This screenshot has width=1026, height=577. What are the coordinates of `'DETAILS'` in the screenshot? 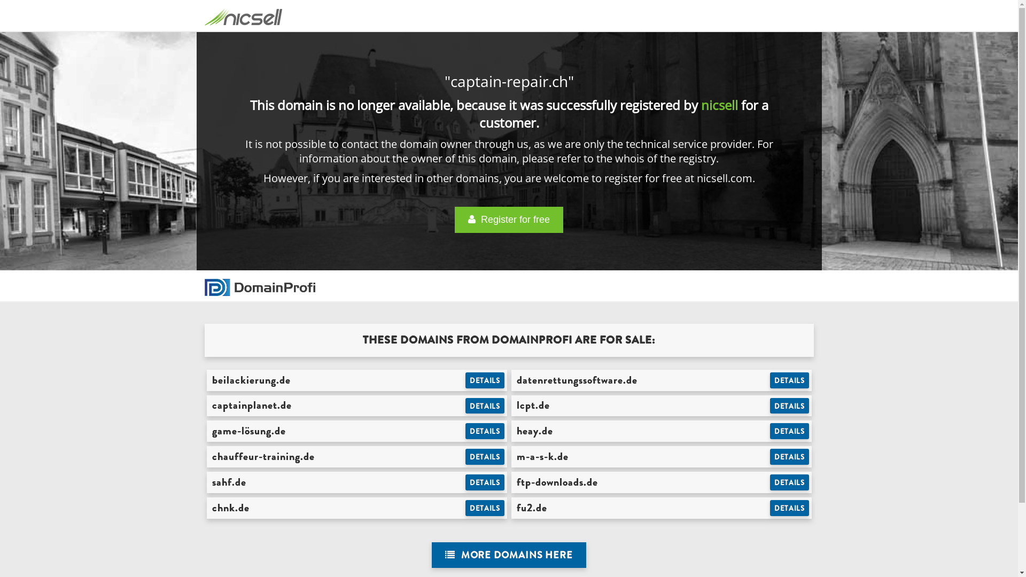 It's located at (484, 508).